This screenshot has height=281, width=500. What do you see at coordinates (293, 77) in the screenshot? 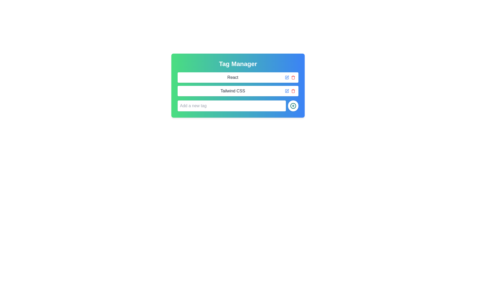
I see `the red trash can icon` at bounding box center [293, 77].